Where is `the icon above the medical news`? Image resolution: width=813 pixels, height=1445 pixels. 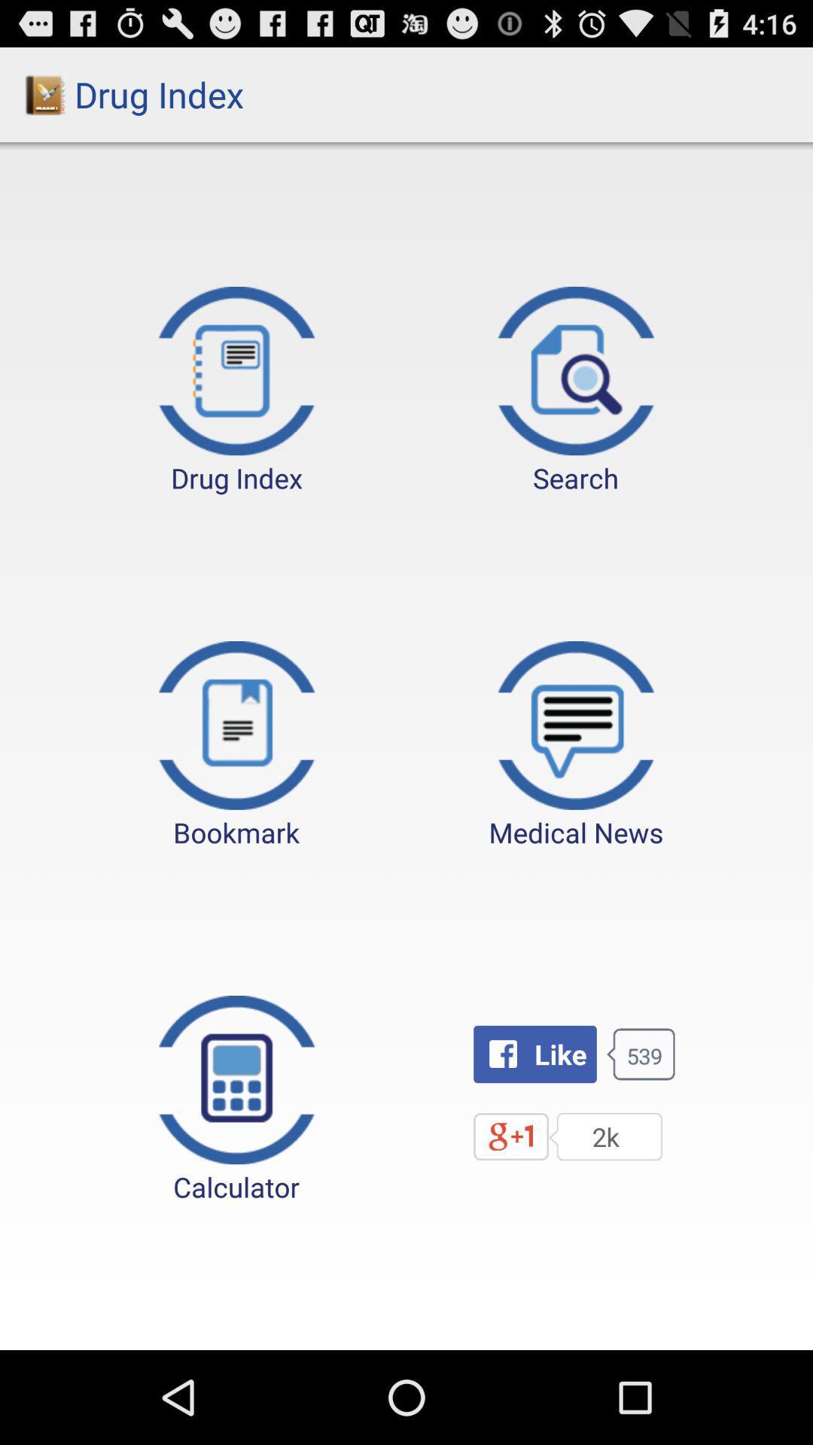 the icon above the medical news is located at coordinates (576, 391).